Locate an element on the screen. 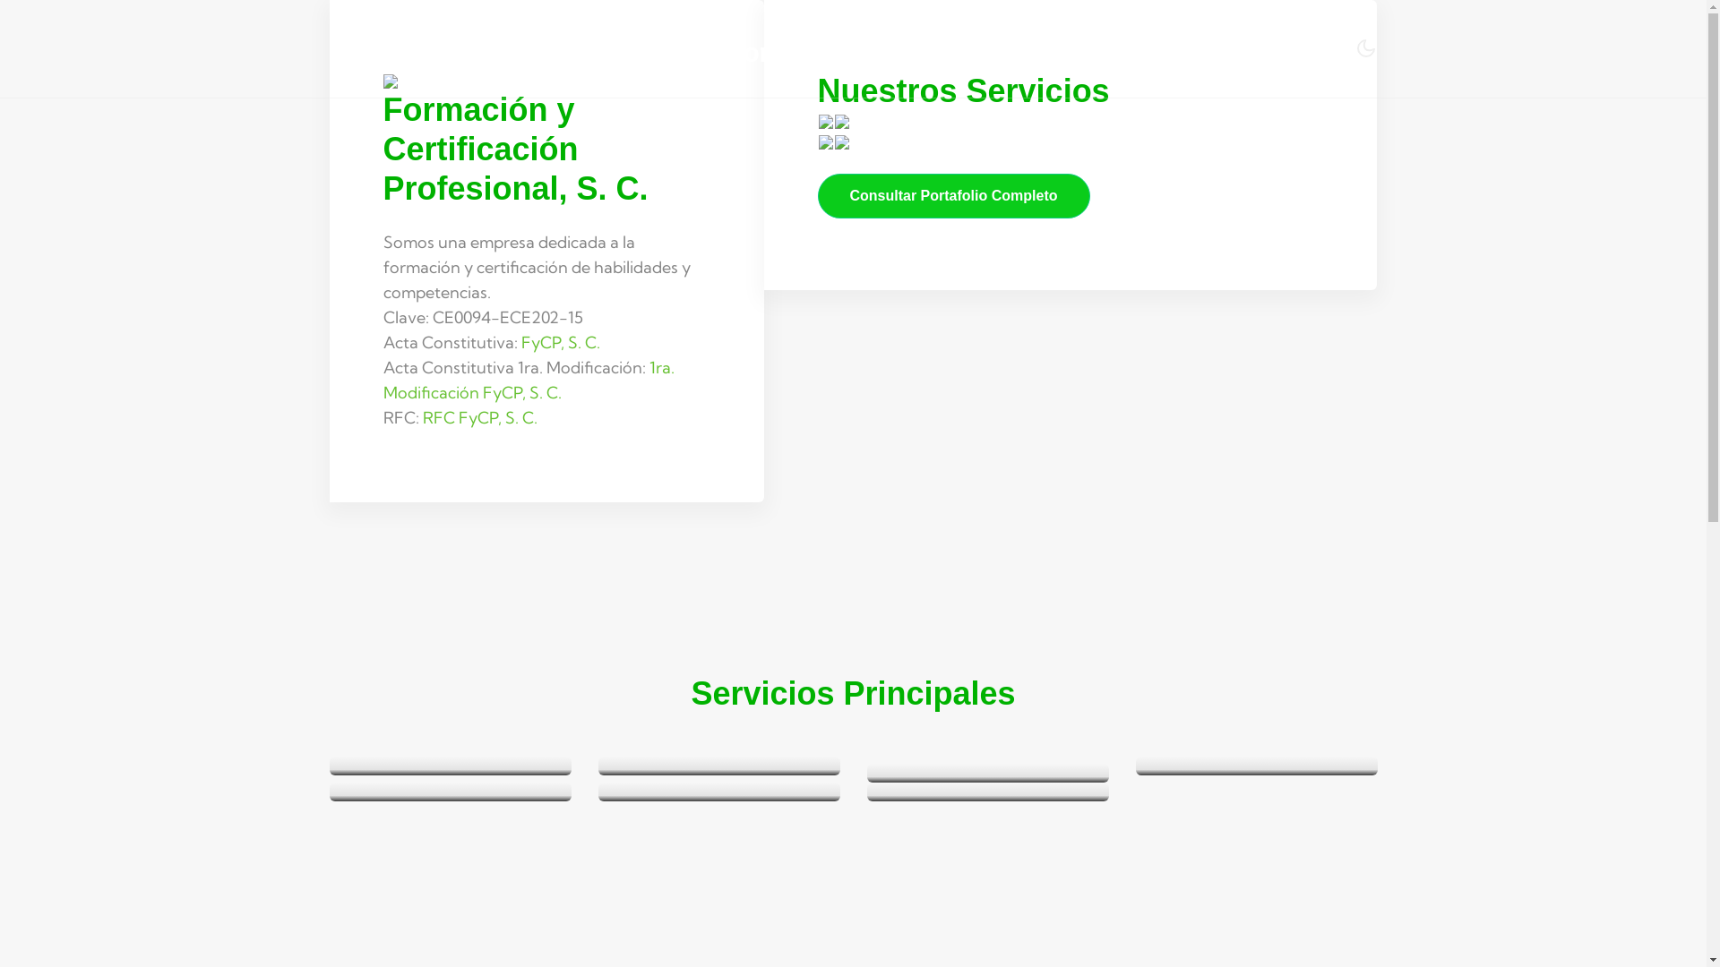 The width and height of the screenshot is (1720, 967). 'Consultar Portafolio Completo' is located at coordinates (952, 196).